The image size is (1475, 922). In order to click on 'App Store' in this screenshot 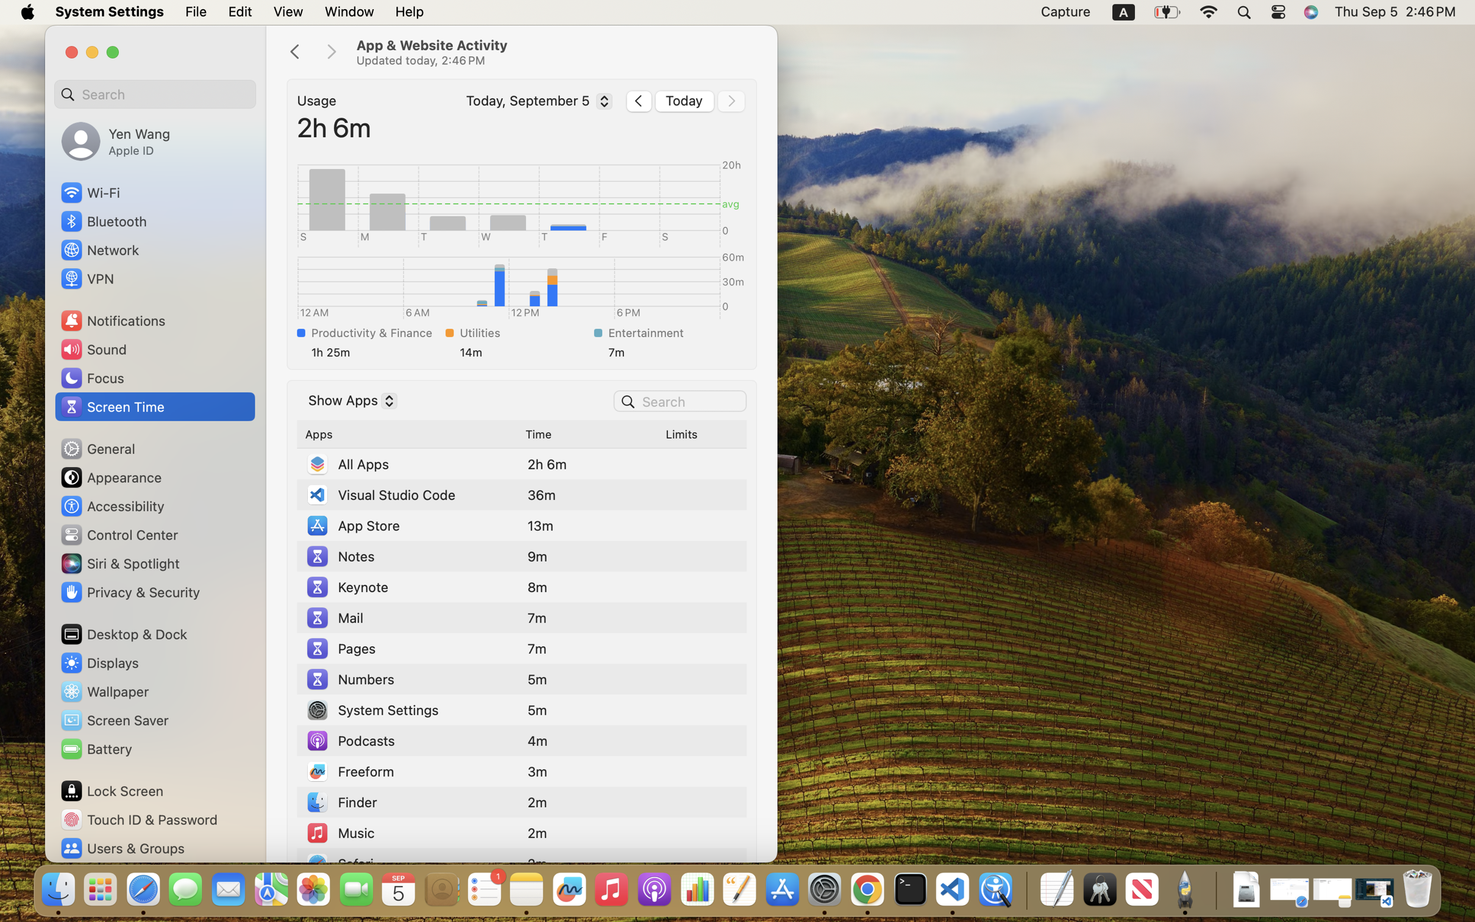, I will do `click(352, 525)`.